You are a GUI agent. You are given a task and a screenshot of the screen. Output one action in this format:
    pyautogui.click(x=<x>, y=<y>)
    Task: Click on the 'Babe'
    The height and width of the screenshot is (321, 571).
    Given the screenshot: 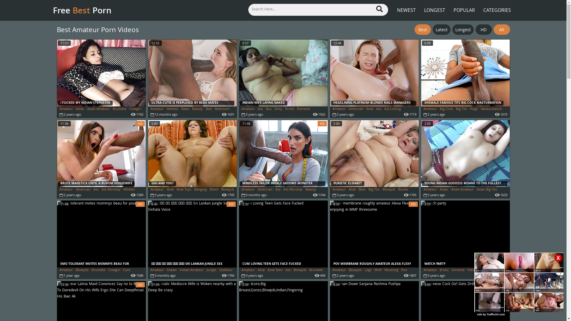 What is the action you would take?
    pyautogui.click(x=181, y=109)
    